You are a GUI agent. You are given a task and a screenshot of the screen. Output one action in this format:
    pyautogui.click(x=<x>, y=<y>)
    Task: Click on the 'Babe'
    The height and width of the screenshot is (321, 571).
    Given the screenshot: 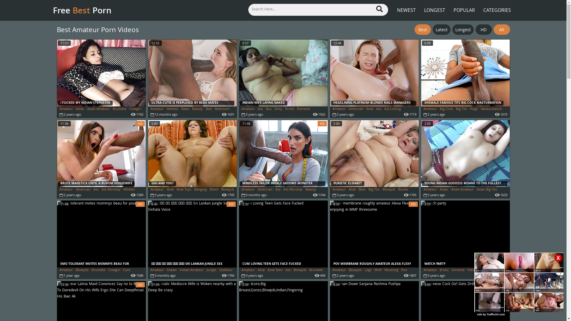 What is the action you would take?
    pyautogui.click(x=181, y=109)
    